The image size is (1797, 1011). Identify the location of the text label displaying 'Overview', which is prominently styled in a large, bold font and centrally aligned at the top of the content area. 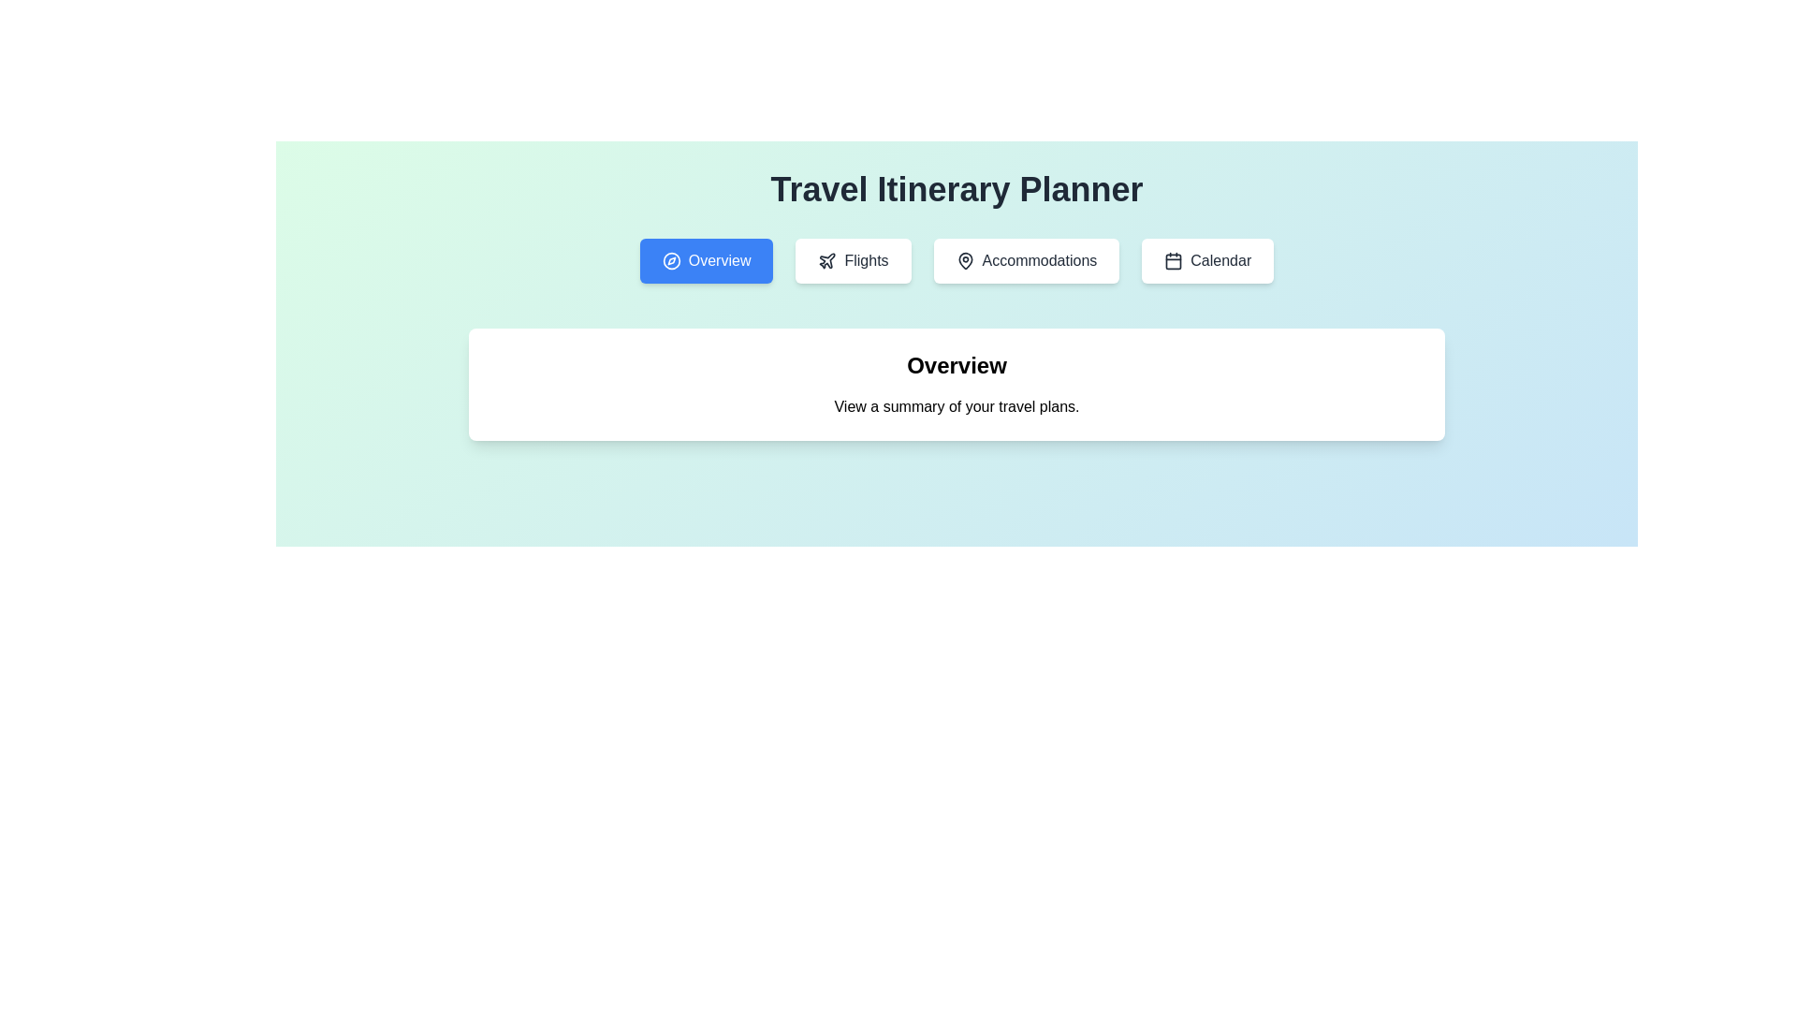
(957, 365).